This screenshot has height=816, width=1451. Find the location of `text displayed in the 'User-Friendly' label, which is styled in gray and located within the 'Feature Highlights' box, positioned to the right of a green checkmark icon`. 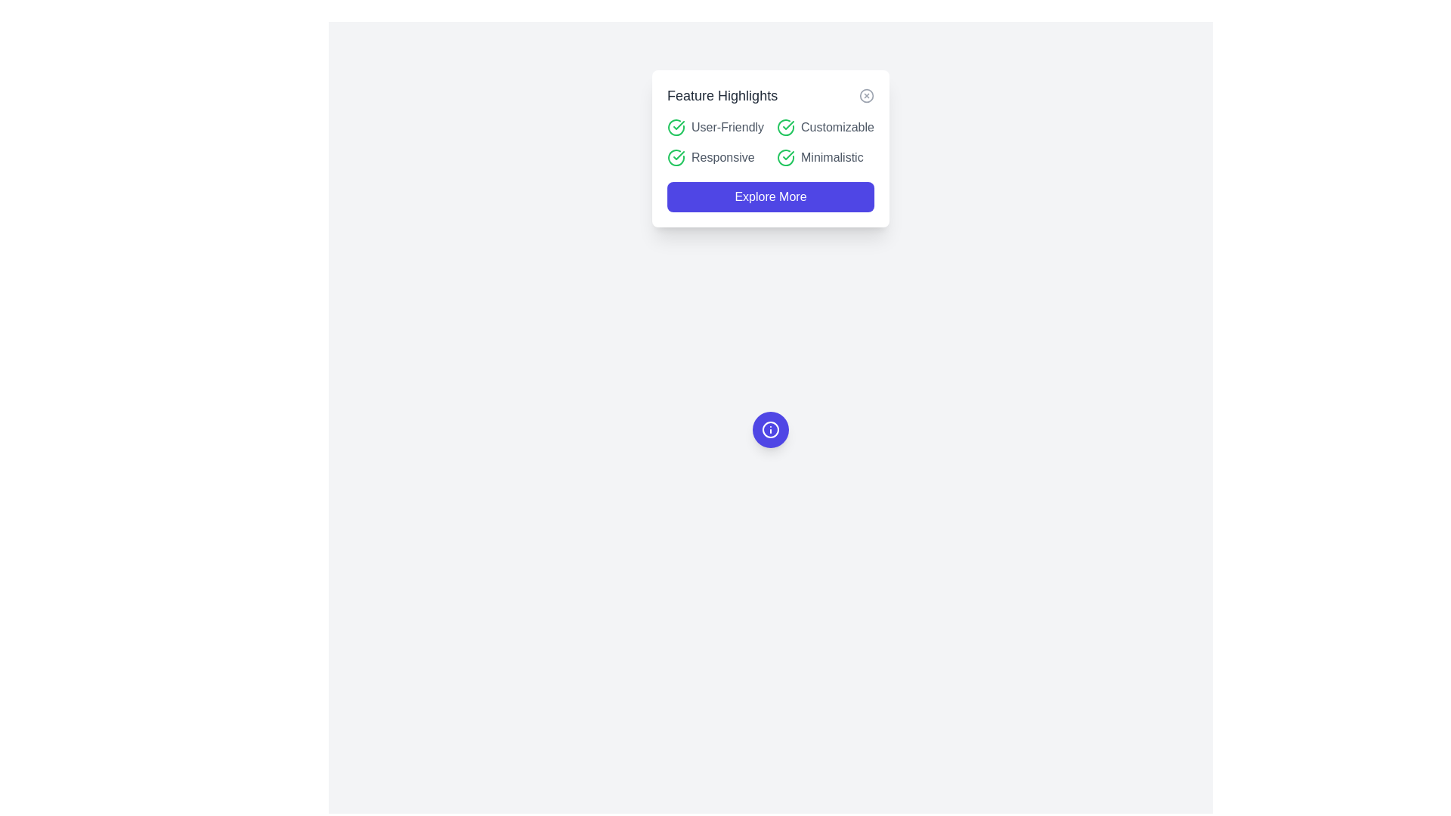

text displayed in the 'User-Friendly' label, which is styled in gray and located within the 'Feature Highlights' box, positioned to the right of a green checkmark icon is located at coordinates (728, 127).